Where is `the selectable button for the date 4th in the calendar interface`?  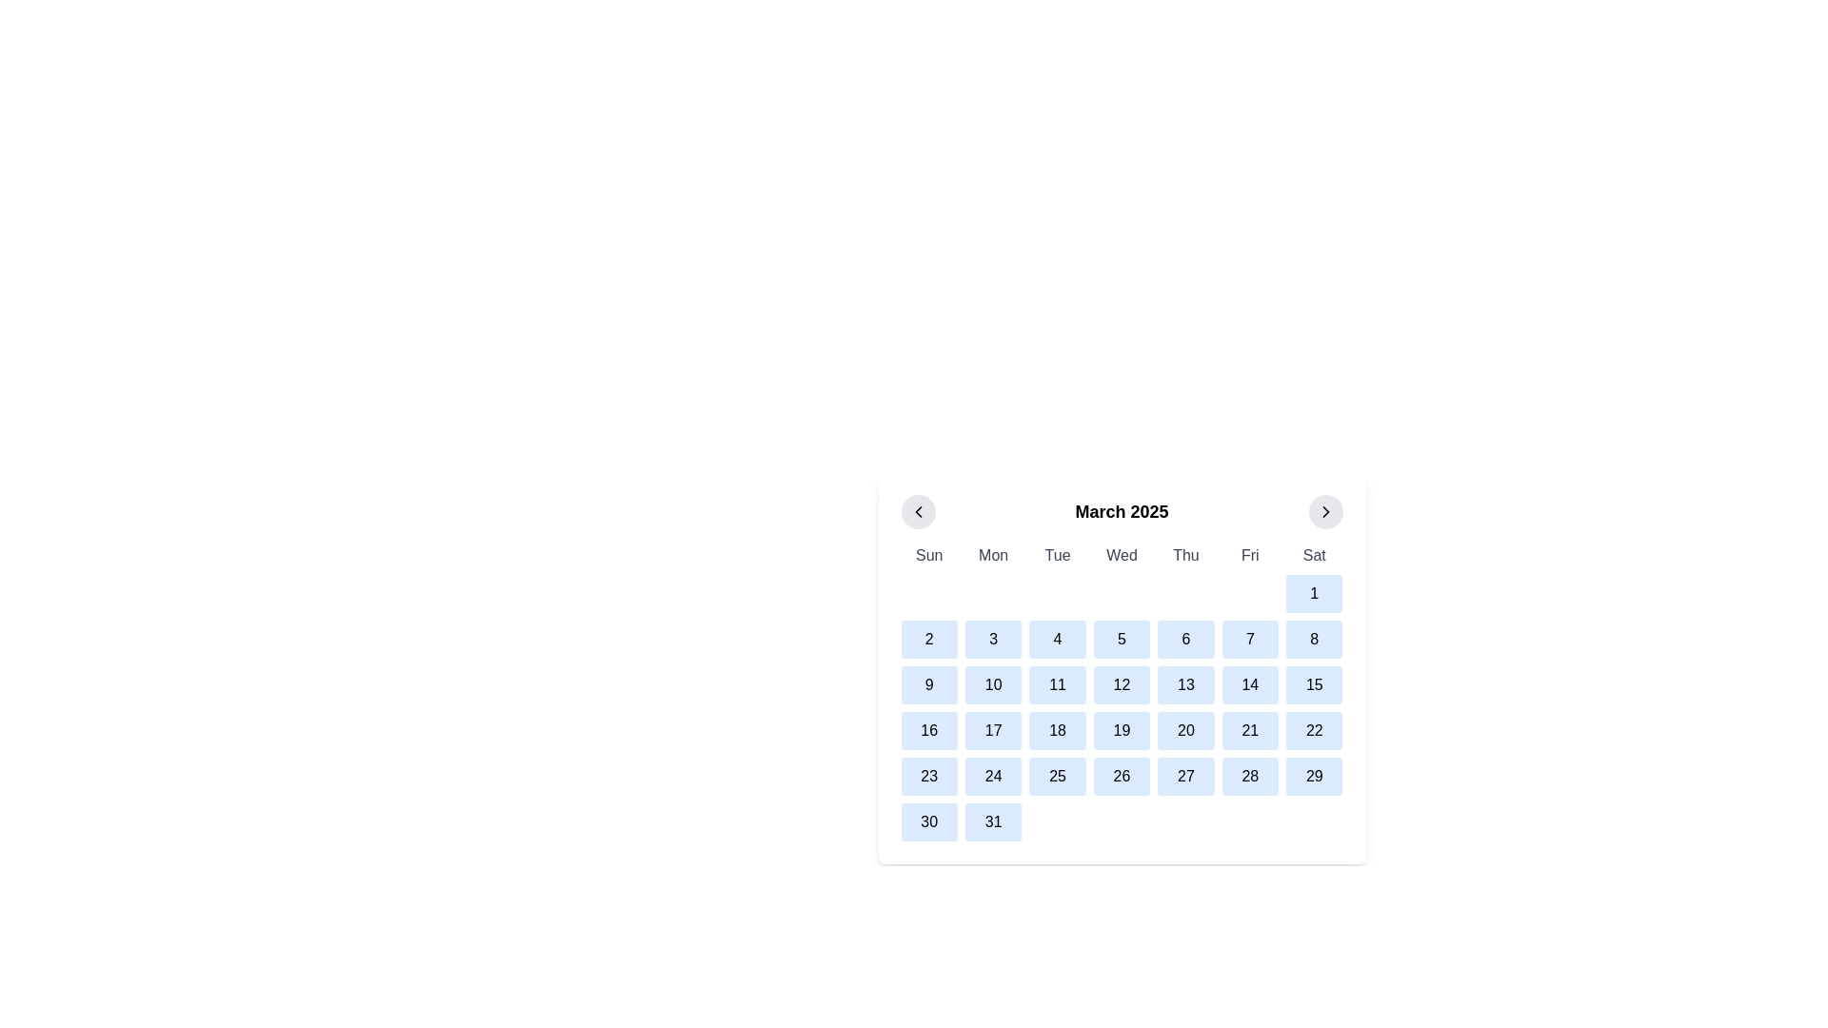
the selectable button for the date 4th in the calendar interface is located at coordinates (1057, 639).